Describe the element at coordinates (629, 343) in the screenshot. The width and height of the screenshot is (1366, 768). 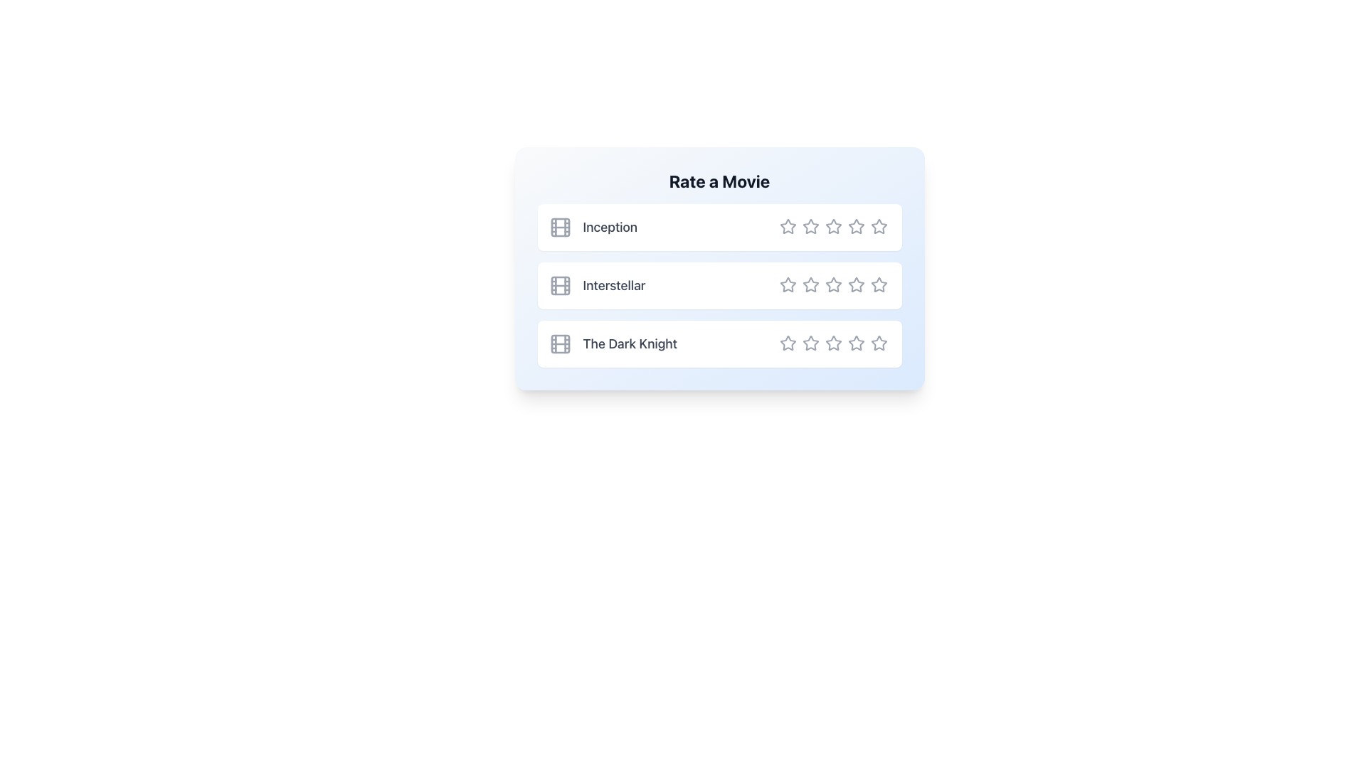
I see `the text label displaying 'The Dark Knight', which is the third item in a vertical list with a gray font on a white background` at that location.